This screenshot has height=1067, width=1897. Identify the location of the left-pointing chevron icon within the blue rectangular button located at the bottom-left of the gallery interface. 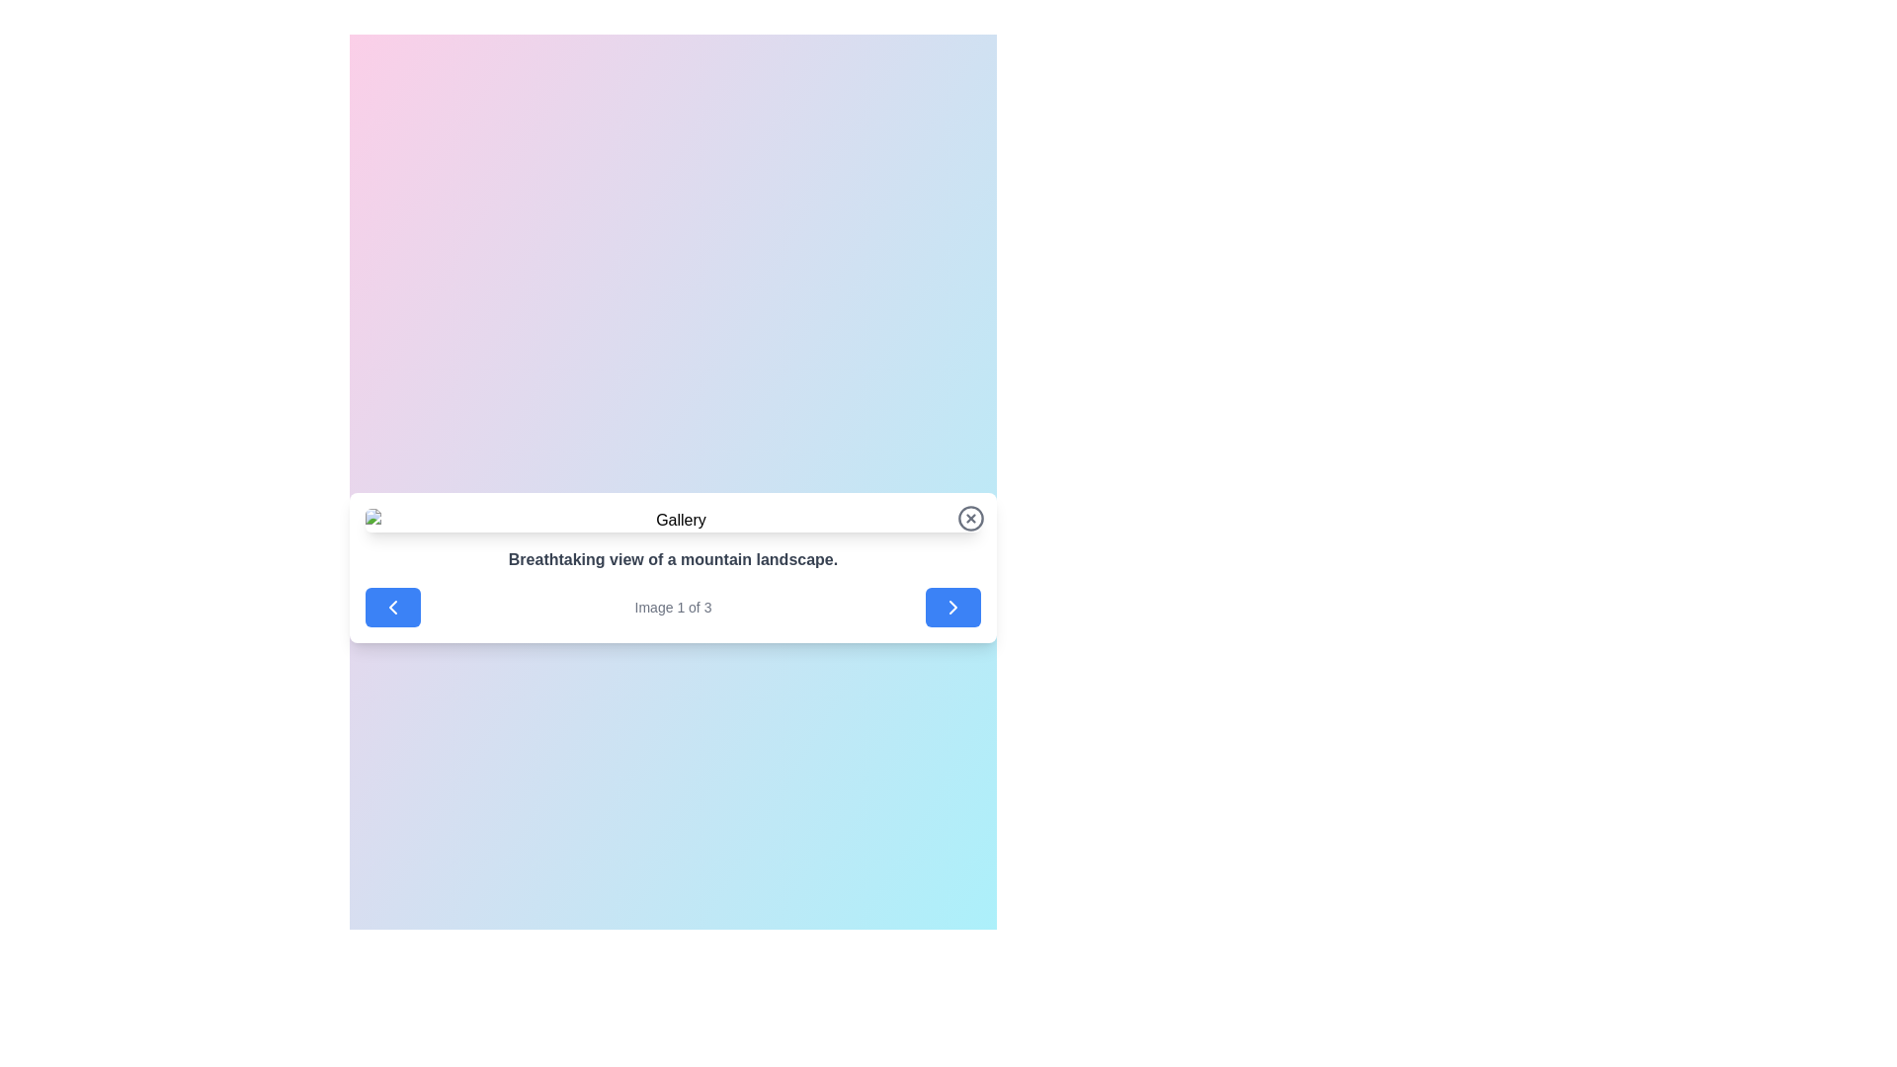
(393, 606).